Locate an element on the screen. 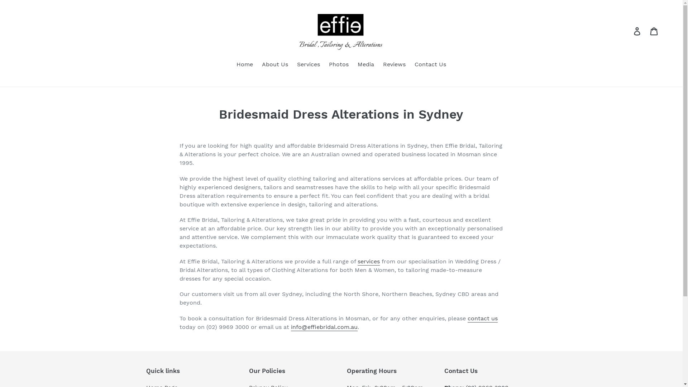 Image resolution: width=688 pixels, height=387 pixels. 'Log in' is located at coordinates (637, 30).